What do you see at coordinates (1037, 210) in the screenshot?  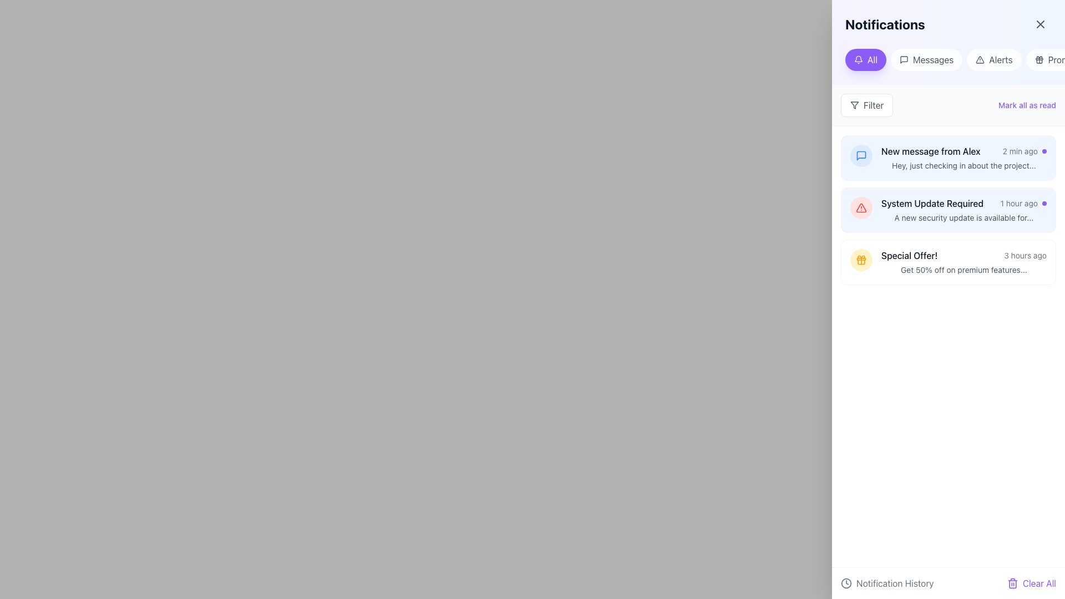 I see `the vertical ellipsis icon located near the right edge of the notification panel` at bounding box center [1037, 210].